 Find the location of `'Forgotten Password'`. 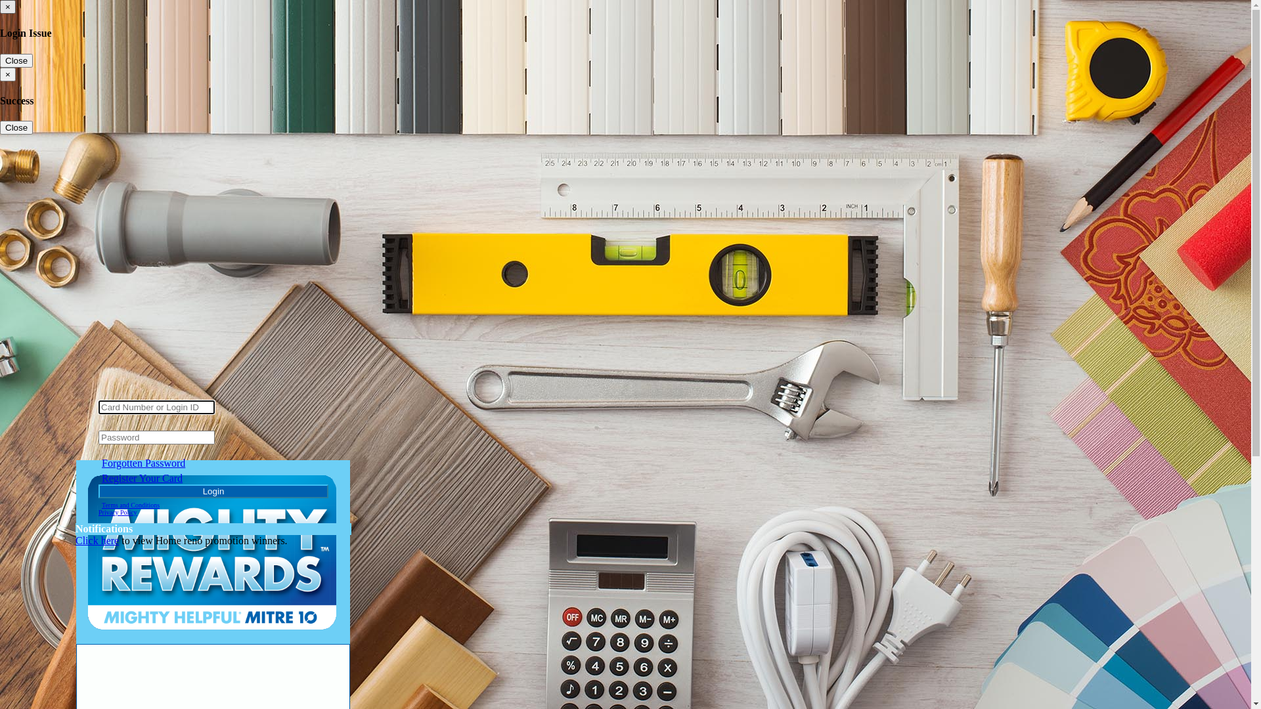

'Forgotten Password' is located at coordinates (143, 462).